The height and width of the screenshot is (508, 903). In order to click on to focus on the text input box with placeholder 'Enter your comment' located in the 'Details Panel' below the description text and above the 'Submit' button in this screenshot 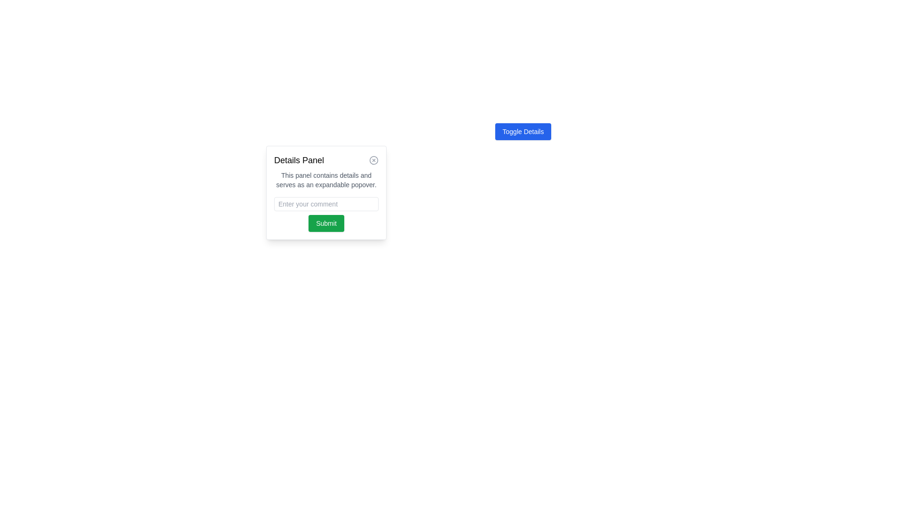, I will do `click(326, 204)`.